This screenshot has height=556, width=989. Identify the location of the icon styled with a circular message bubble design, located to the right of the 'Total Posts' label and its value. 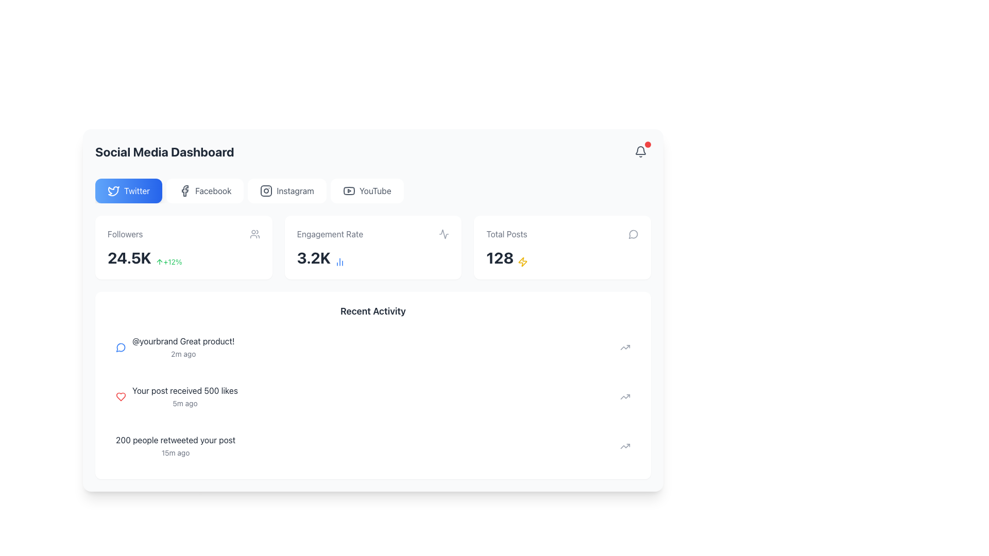
(633, 234).